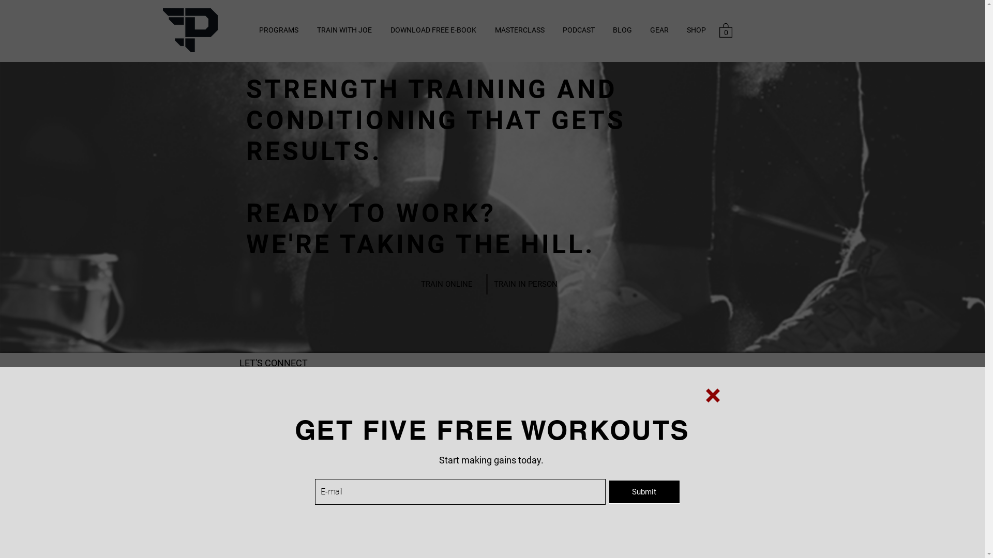 The image size is (993, 558). Describe the element at coordinates (525, 284) in the screenshot. I see `'TRAIN IN PERSON'` at that location.